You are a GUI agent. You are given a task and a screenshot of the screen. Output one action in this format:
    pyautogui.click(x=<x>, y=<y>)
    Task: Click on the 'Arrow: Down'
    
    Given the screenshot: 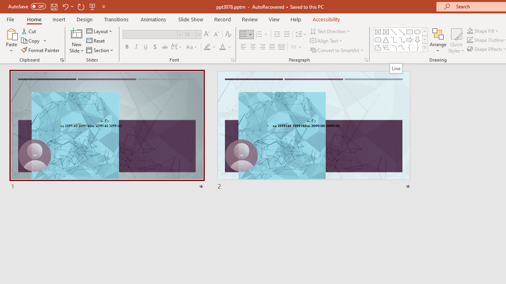 What is the action you would take?
    pyautogui.click(x=417, y=39)
    